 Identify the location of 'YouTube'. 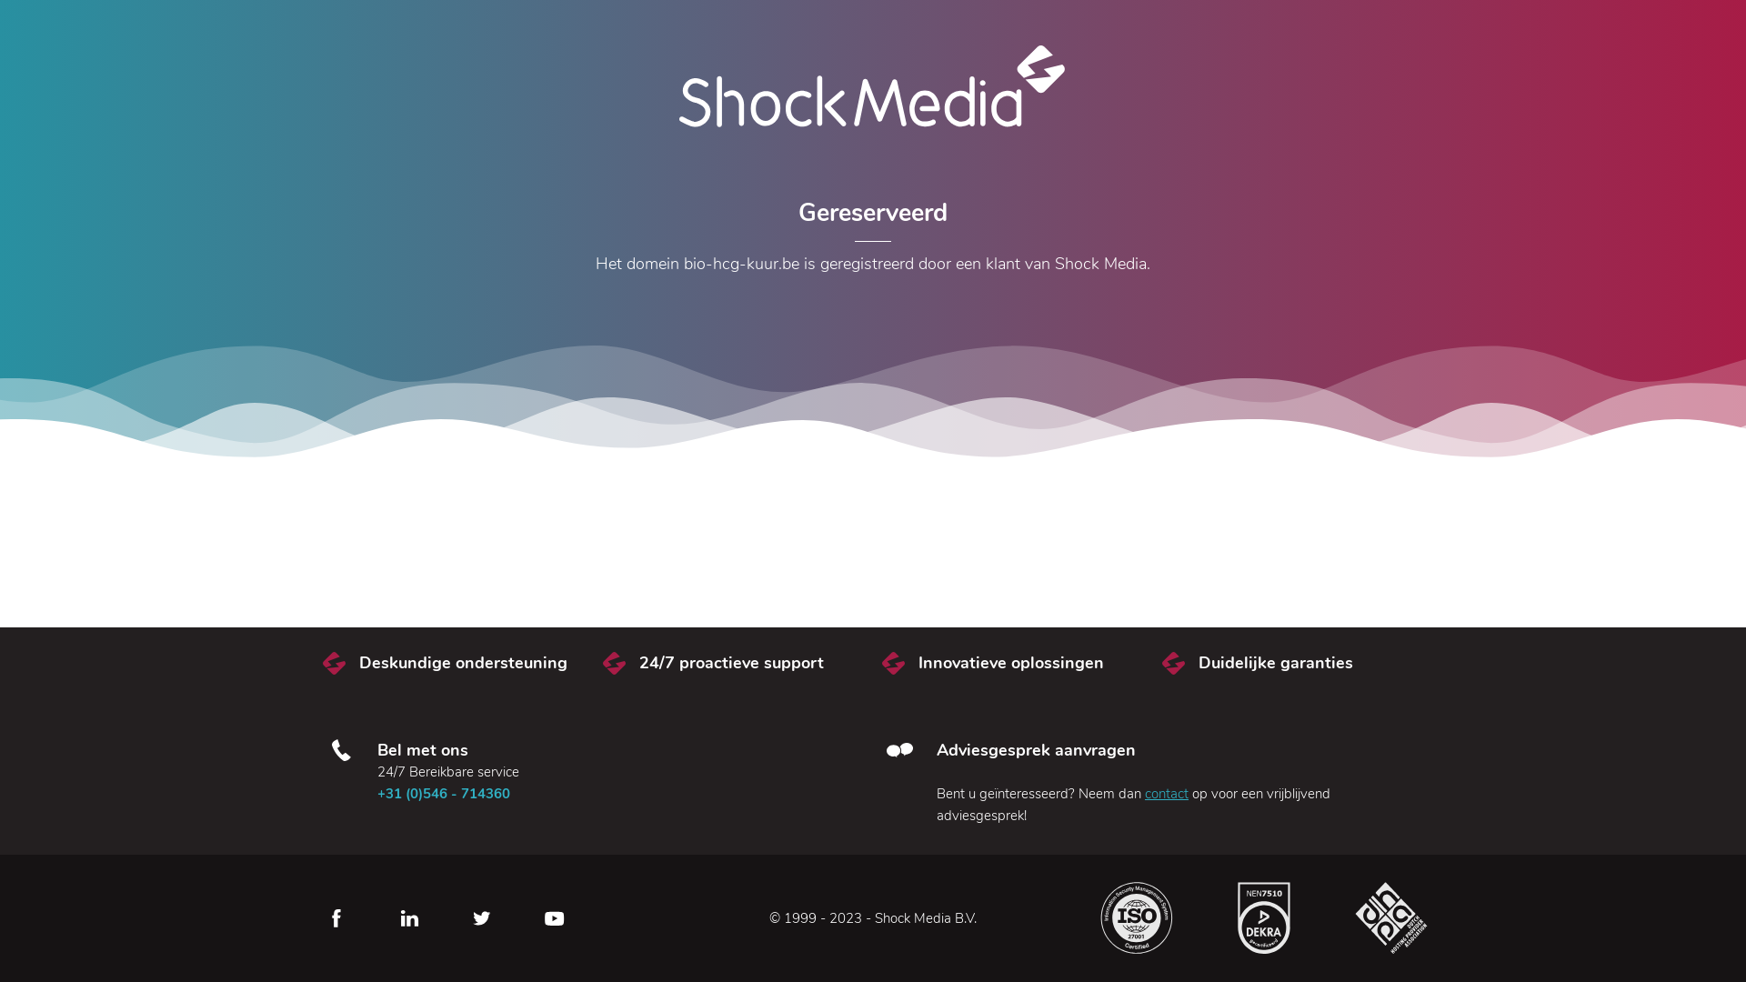
(553, 918).